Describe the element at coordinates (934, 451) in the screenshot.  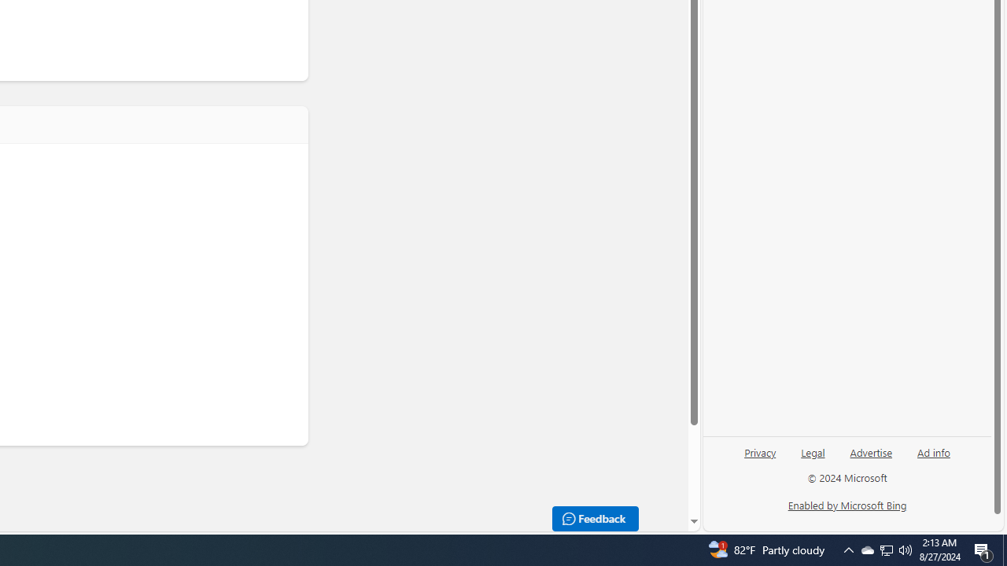
I see `'Ad info'` at that location.